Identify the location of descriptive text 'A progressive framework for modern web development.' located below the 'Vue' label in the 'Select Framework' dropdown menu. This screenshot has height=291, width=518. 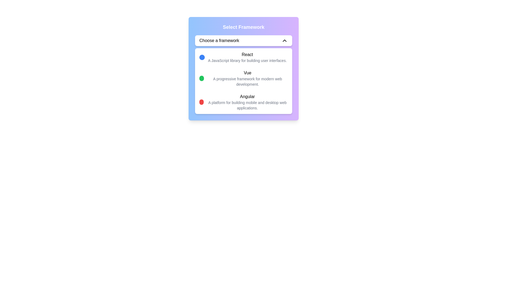
(247, 82).